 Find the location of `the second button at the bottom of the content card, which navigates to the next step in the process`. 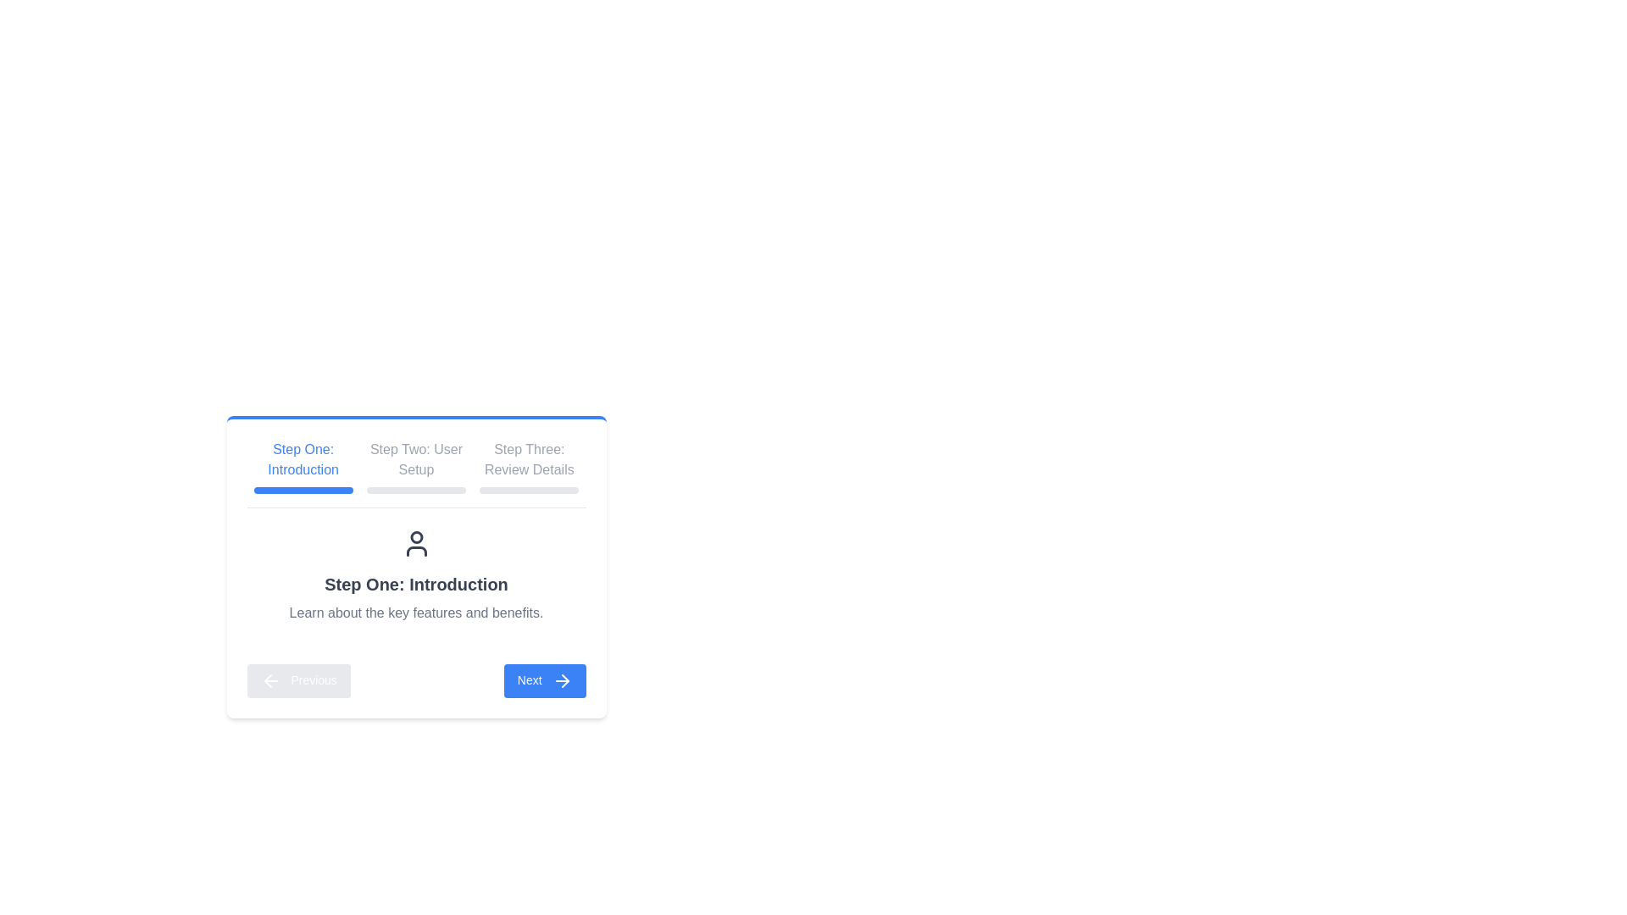

the second button at the bottom of the content card, which navigates to the next step in the process is located at coordinates (545, 679).